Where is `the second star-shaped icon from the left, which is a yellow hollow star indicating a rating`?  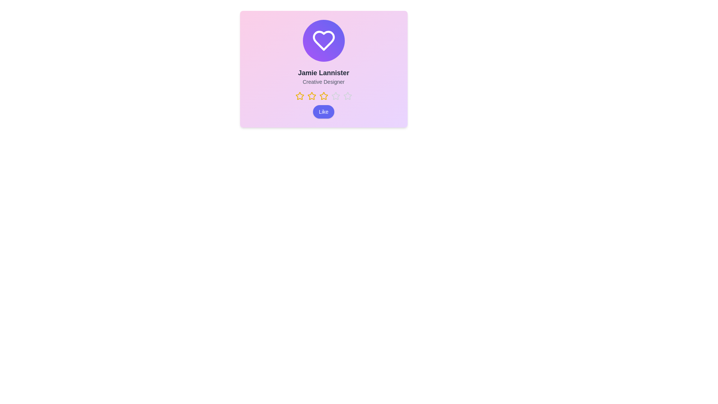 the second star-shaped icon from the left, which is a yellow hollow star indicating a rating is located at coordinates (312, 95).